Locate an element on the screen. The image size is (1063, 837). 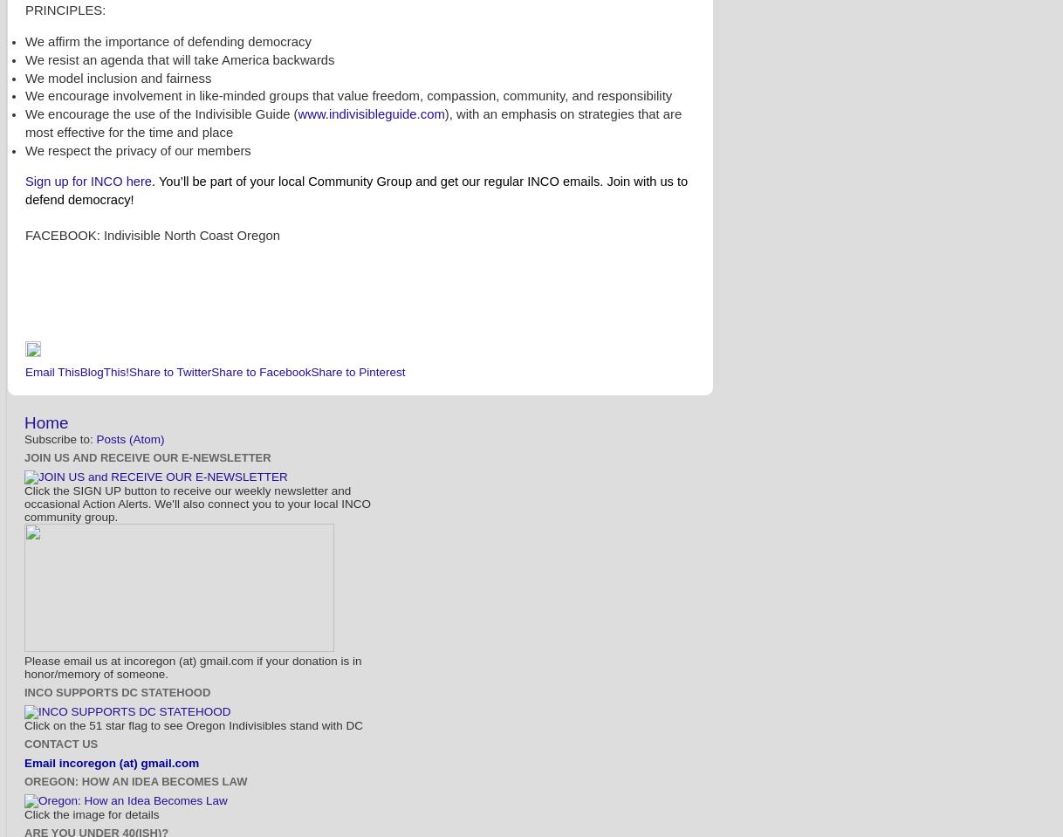
'We model inclusion and fairness' is located at coordinates (24, 77).